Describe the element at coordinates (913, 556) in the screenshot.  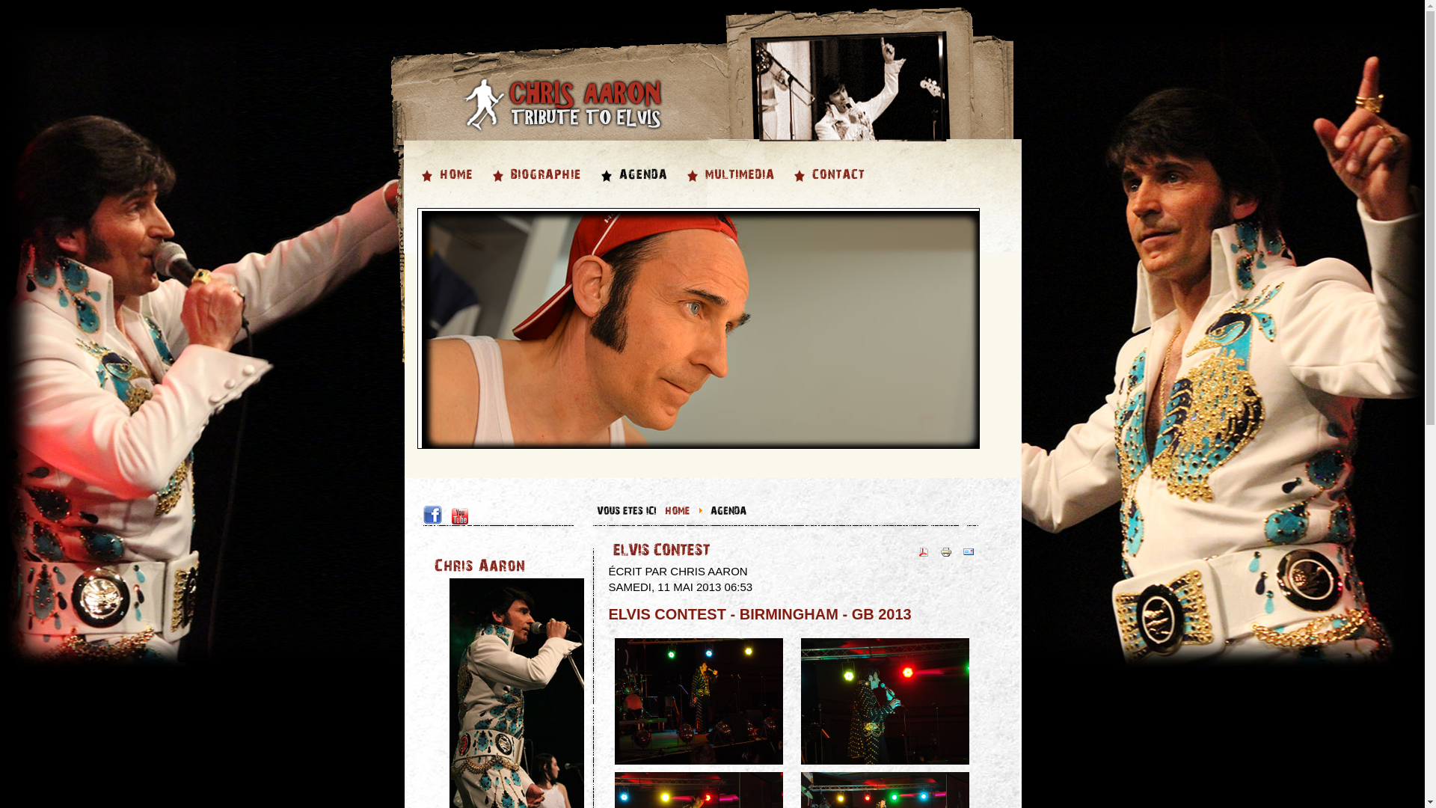
I see `'PDF'` at that location.